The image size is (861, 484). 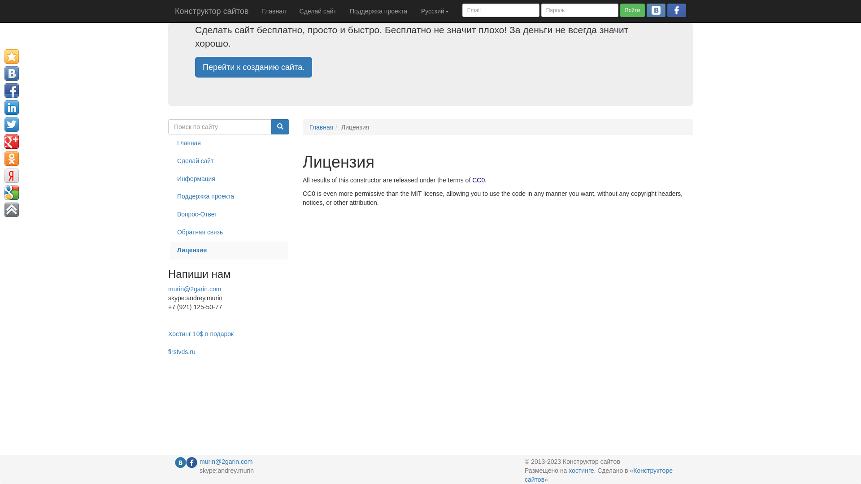 What do you see at coordinates (168, 289) in the screenshot?
I see `'murin@2garin.com'` at bounding box center [168, 289].